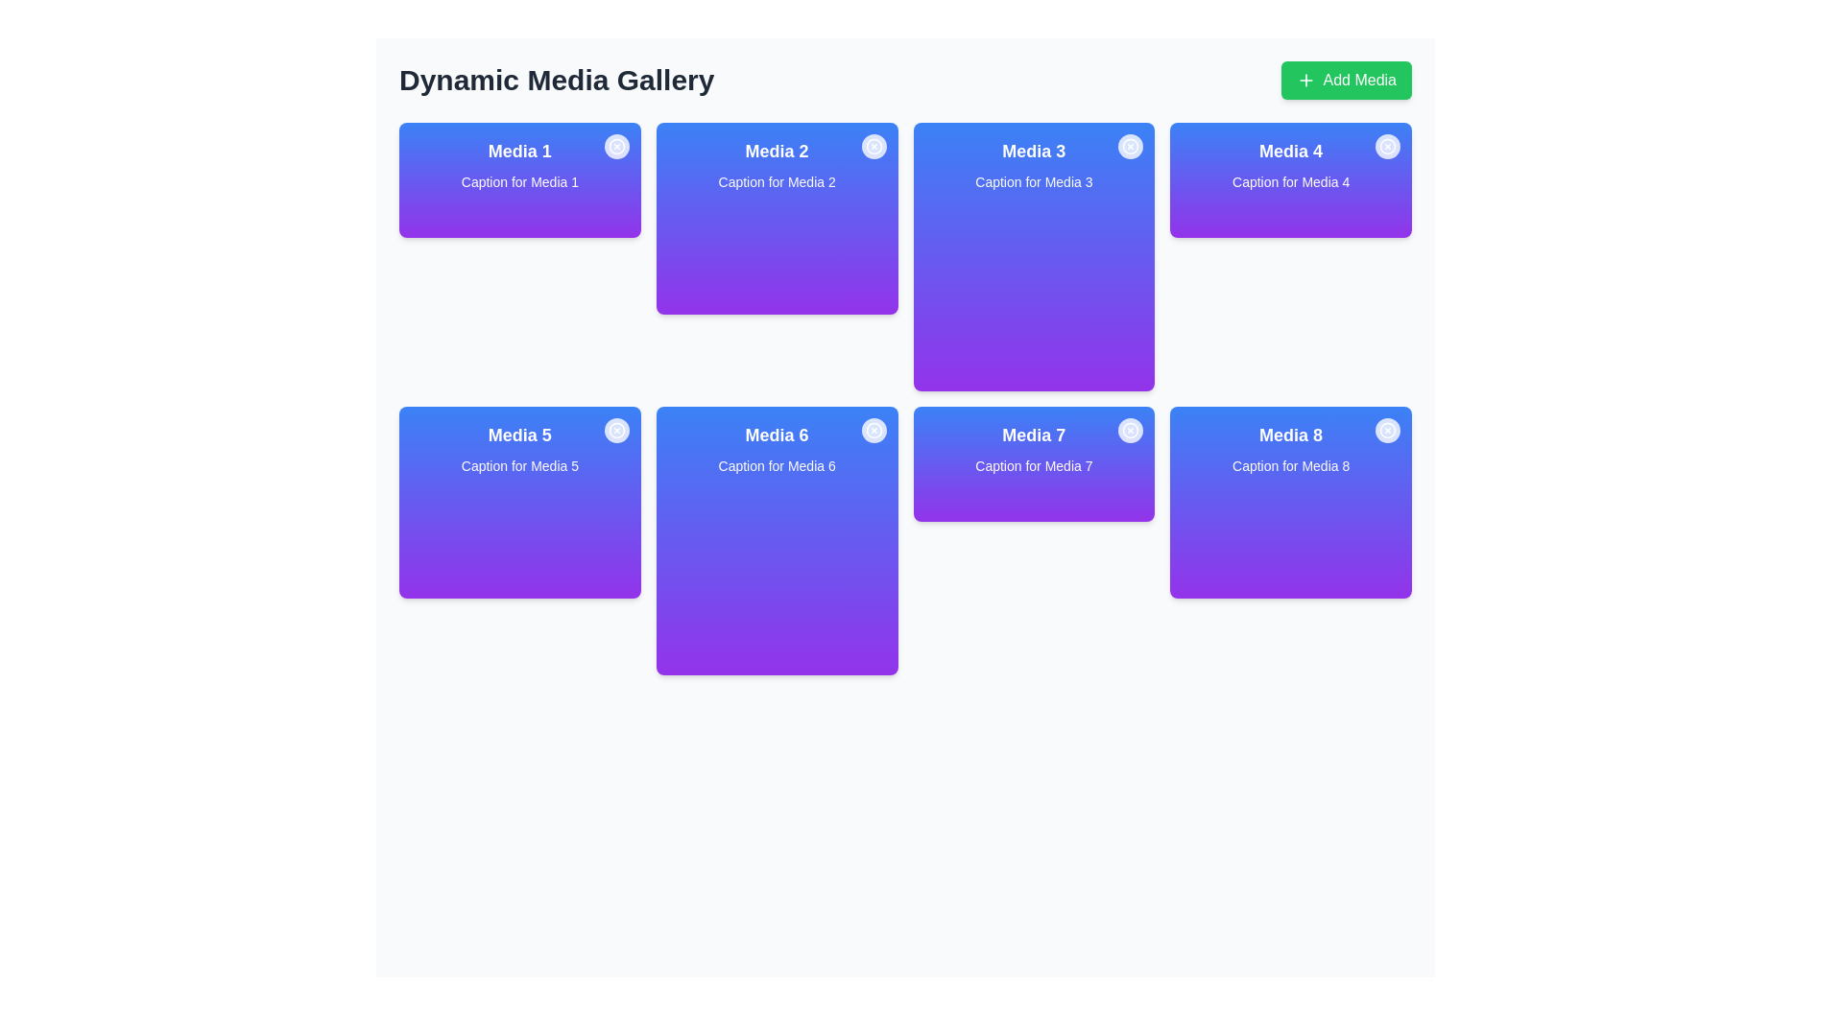  I want to click on the SVG circle graphic element located in the upper-right corner of the 'Media 2' card for detailed interaction, so click(873, 146).